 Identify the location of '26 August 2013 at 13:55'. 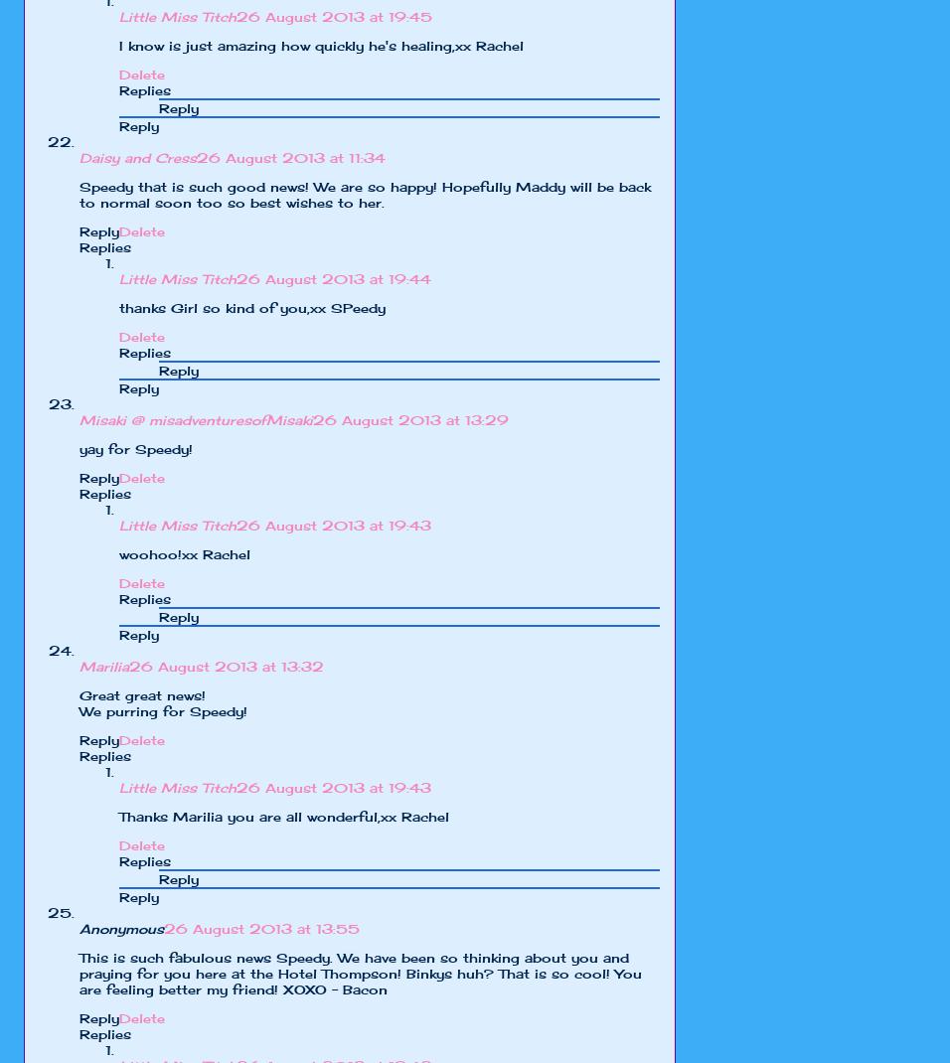
(260, 927).